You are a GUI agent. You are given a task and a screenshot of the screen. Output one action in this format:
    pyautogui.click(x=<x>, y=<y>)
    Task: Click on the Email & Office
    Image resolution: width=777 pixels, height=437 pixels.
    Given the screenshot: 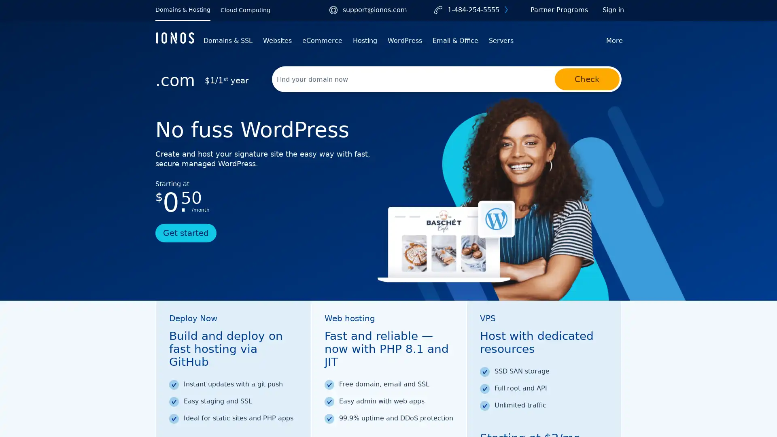 What is the action you would take?
    pyautogui.click(x=446, y=40)
    